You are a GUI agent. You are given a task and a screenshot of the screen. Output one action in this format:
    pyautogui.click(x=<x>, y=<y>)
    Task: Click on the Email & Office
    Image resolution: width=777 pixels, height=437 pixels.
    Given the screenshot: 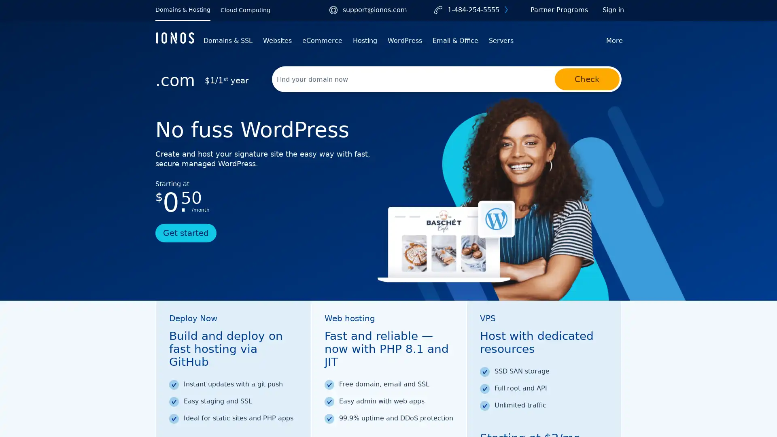 What is the action you would take?
    pyautogui.click(x=446, y=40)
    